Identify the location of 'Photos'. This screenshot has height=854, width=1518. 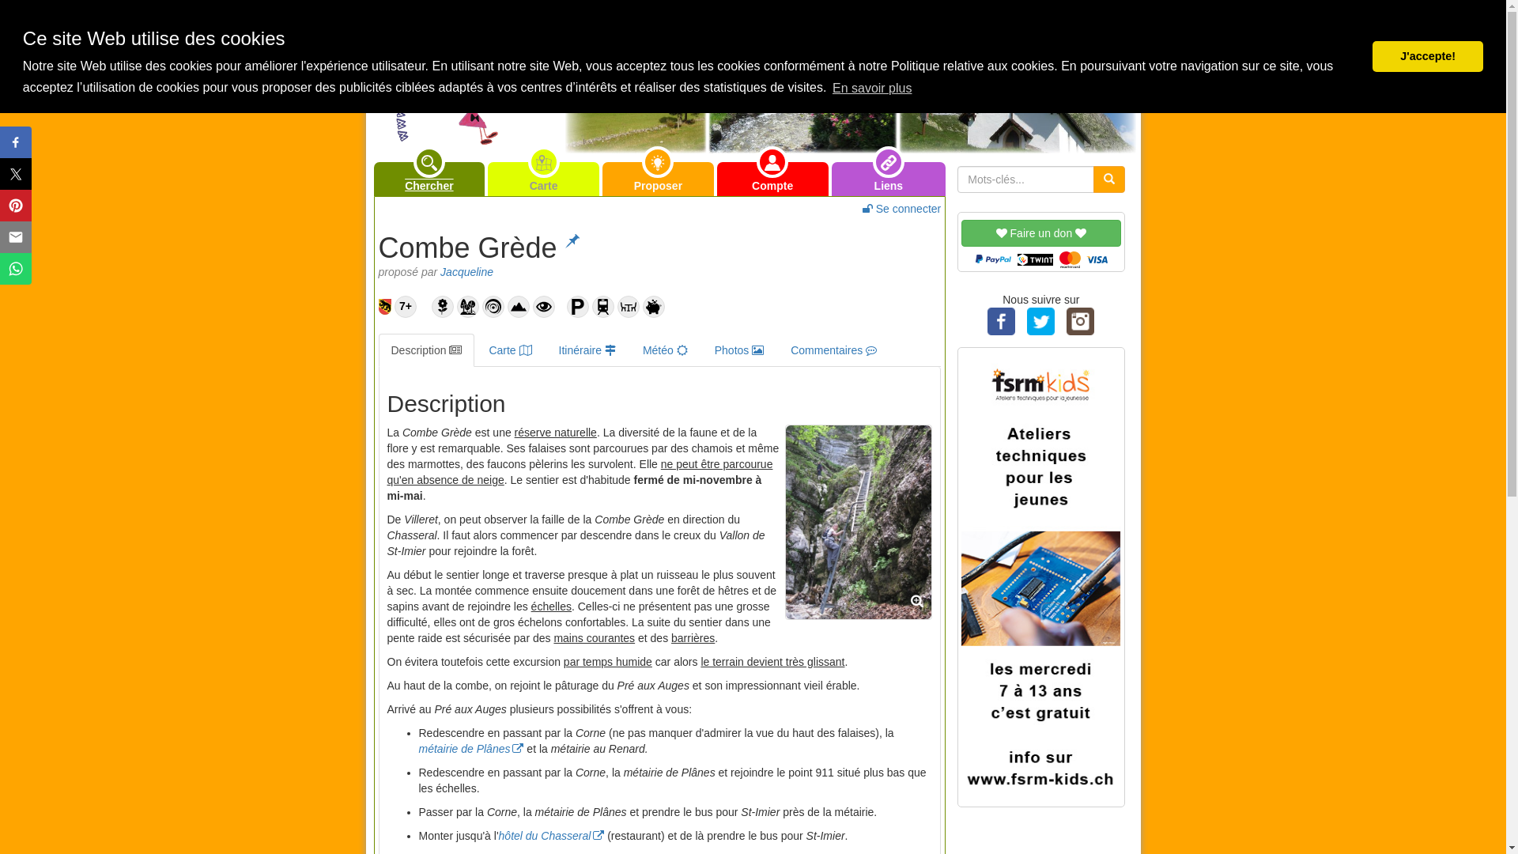
(738, 350).